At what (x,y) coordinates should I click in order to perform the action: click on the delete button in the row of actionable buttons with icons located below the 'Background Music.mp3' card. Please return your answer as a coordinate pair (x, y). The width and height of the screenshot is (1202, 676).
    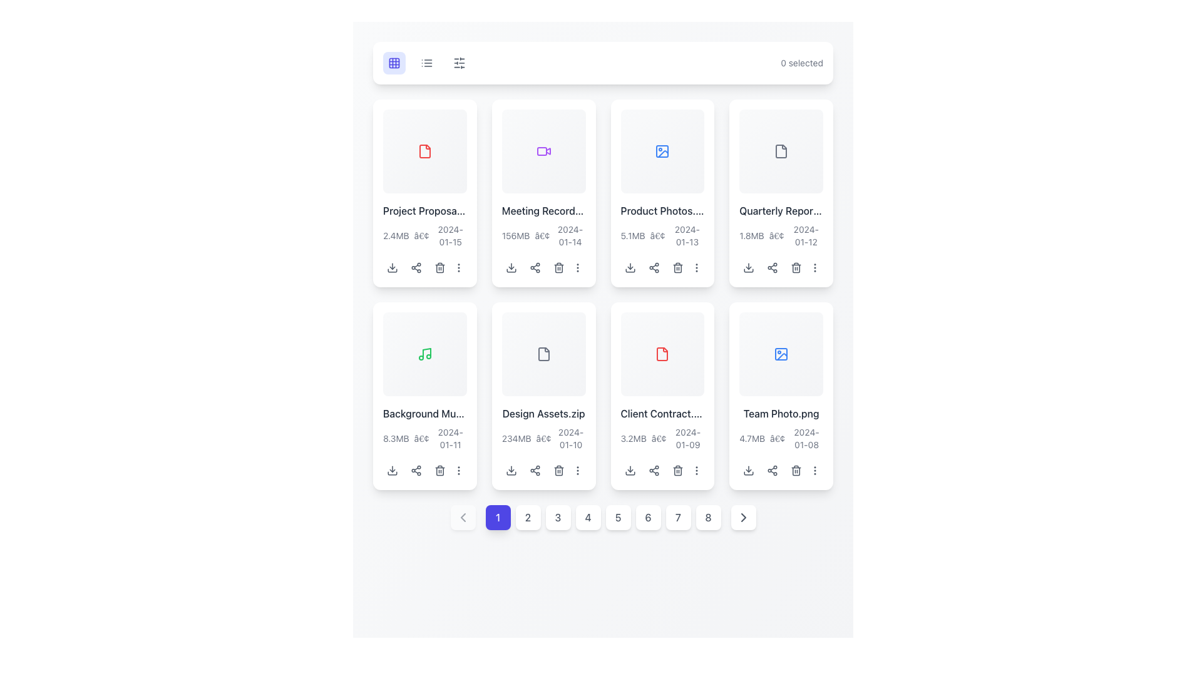
    Looking at the image, I should click on (424, 470).